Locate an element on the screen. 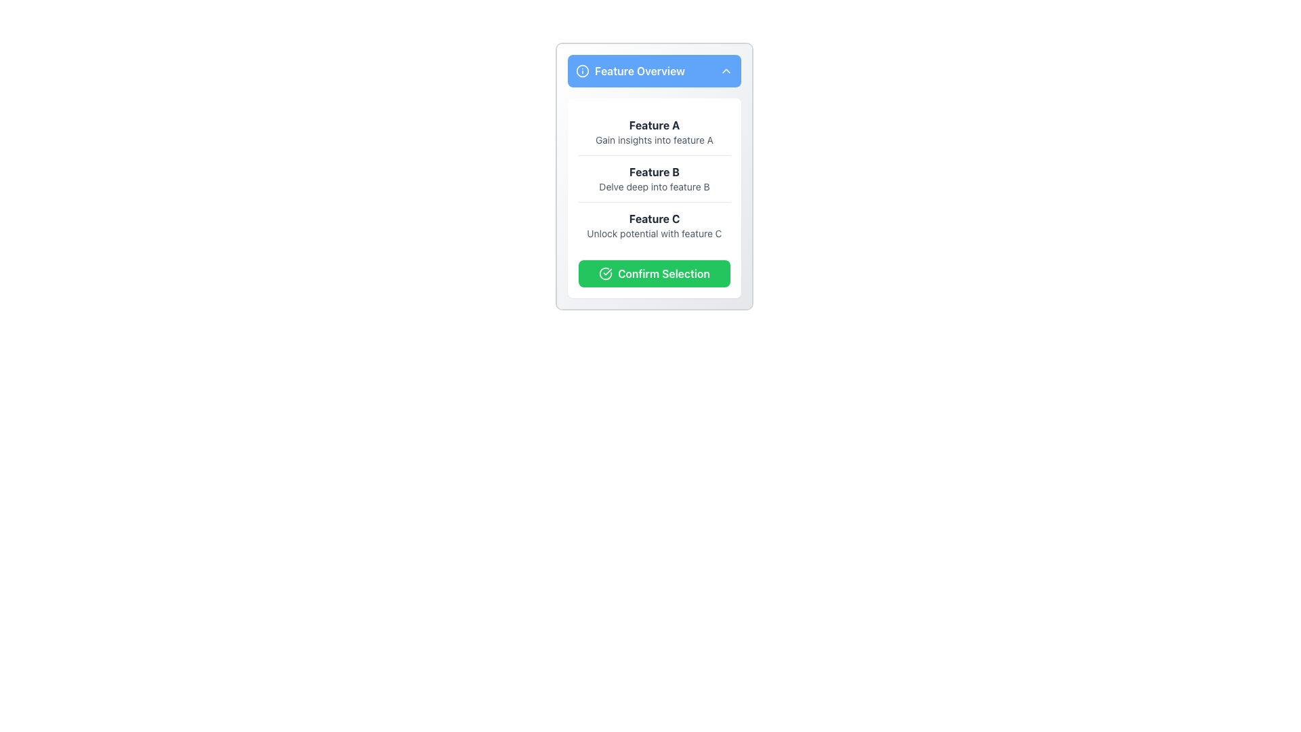 Image resolution: width=1301 pixels, height=732 pixels. the 'info' icon located to the left of the 'Feature Overview' heading is located at coordinates (582, 70).